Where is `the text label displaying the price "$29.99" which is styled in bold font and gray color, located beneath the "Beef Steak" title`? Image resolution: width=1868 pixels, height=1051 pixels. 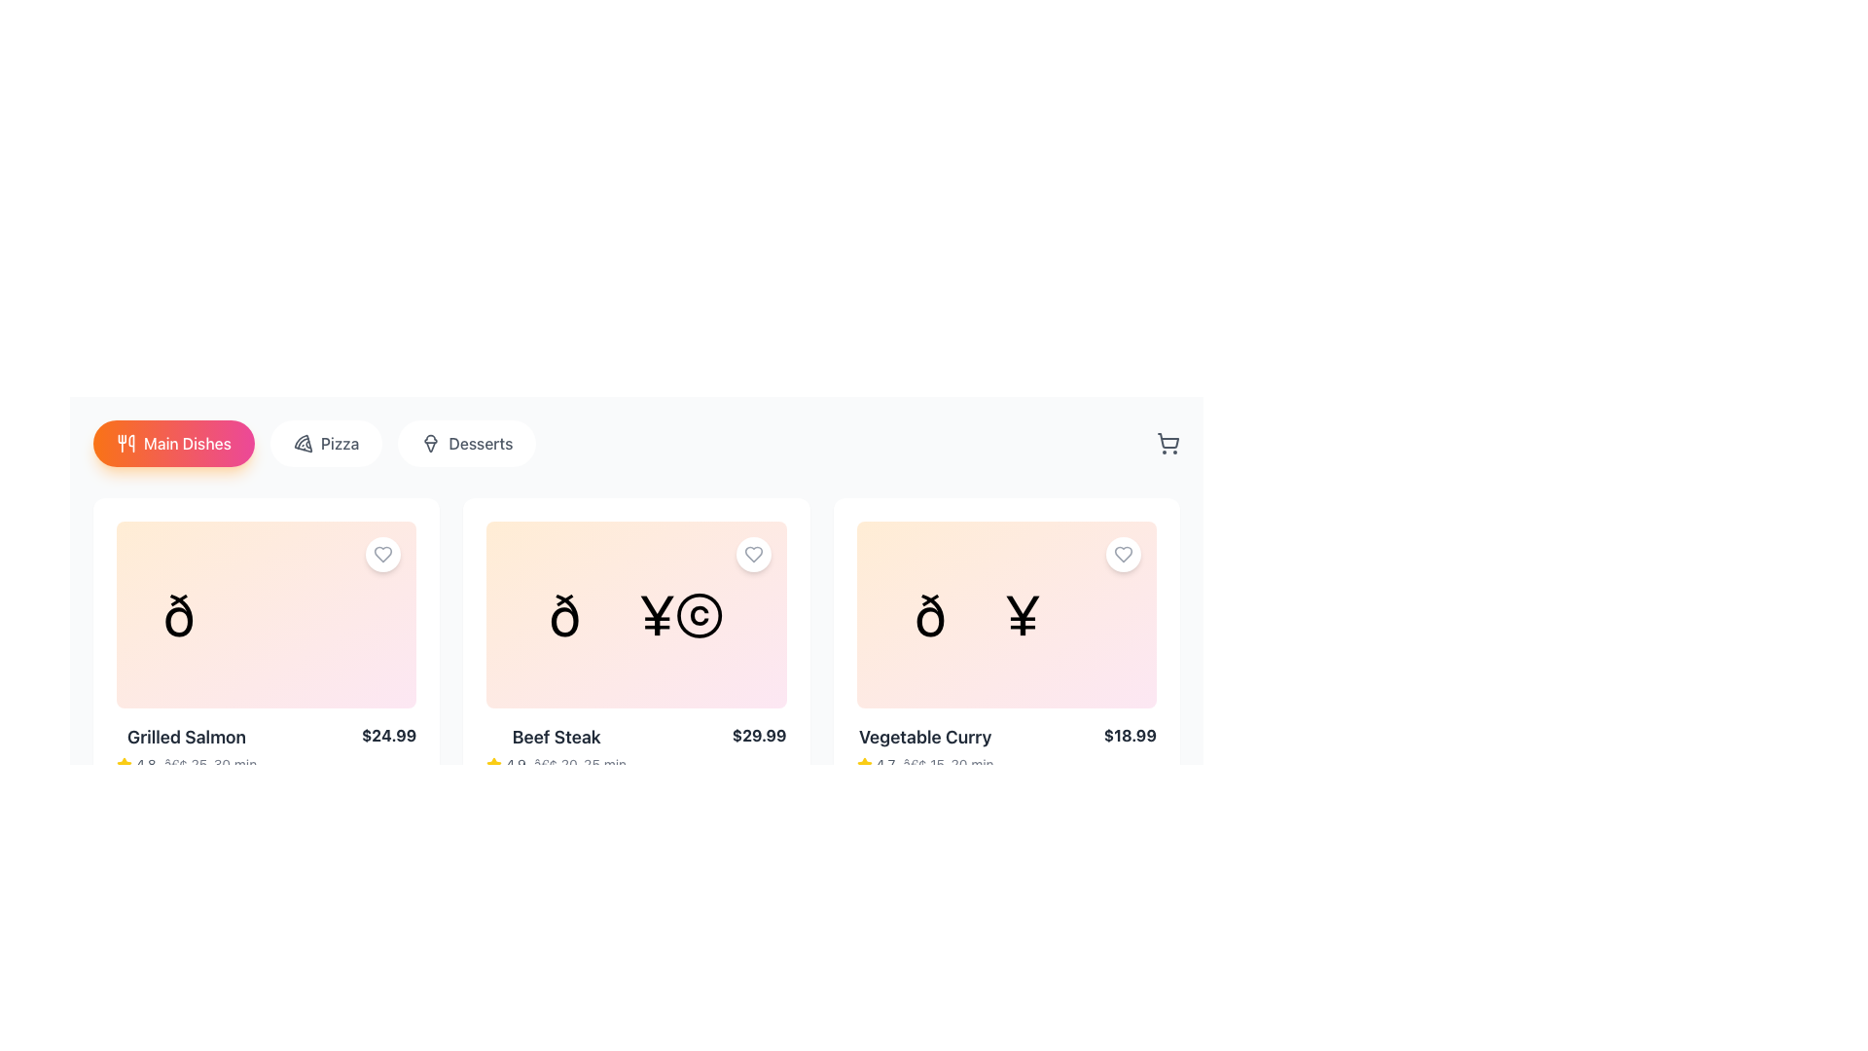
the text label displaying the price "$29.99" which is styled in bold font and gray color, located beneath the "Beef Steak" title is located at coordinates (758, 736).